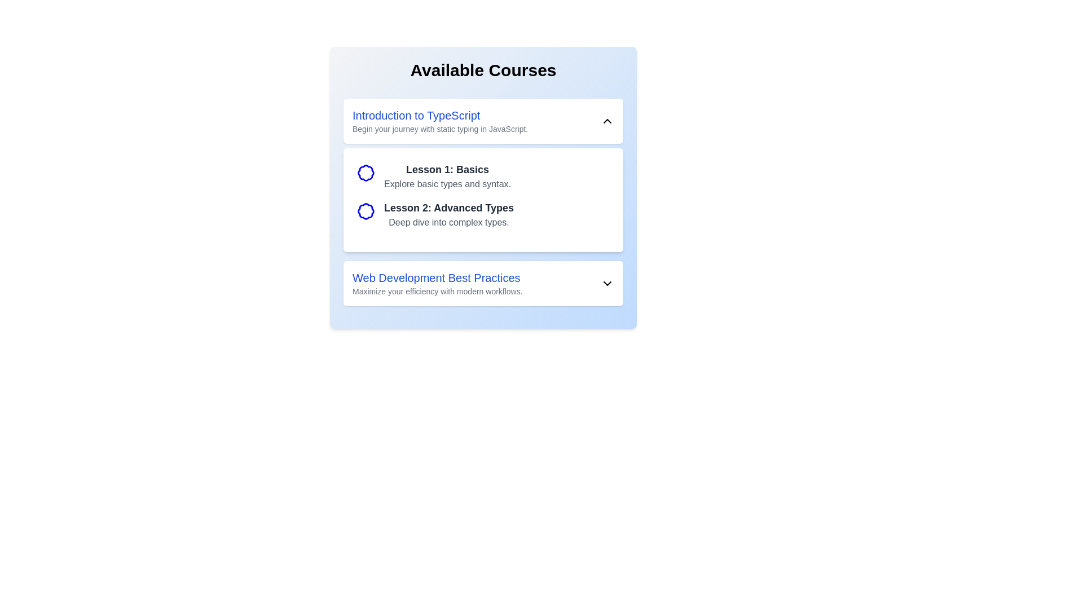 Image resolution: width=1083 pixels, height=609 pixels. What do you see at coordinates (483, 175) in the screenshot?
I see `text for course information from the Information Display Card titled 'Introduction to TypeScript', which is centrally located in the interface` at bounding box center [483, 175].